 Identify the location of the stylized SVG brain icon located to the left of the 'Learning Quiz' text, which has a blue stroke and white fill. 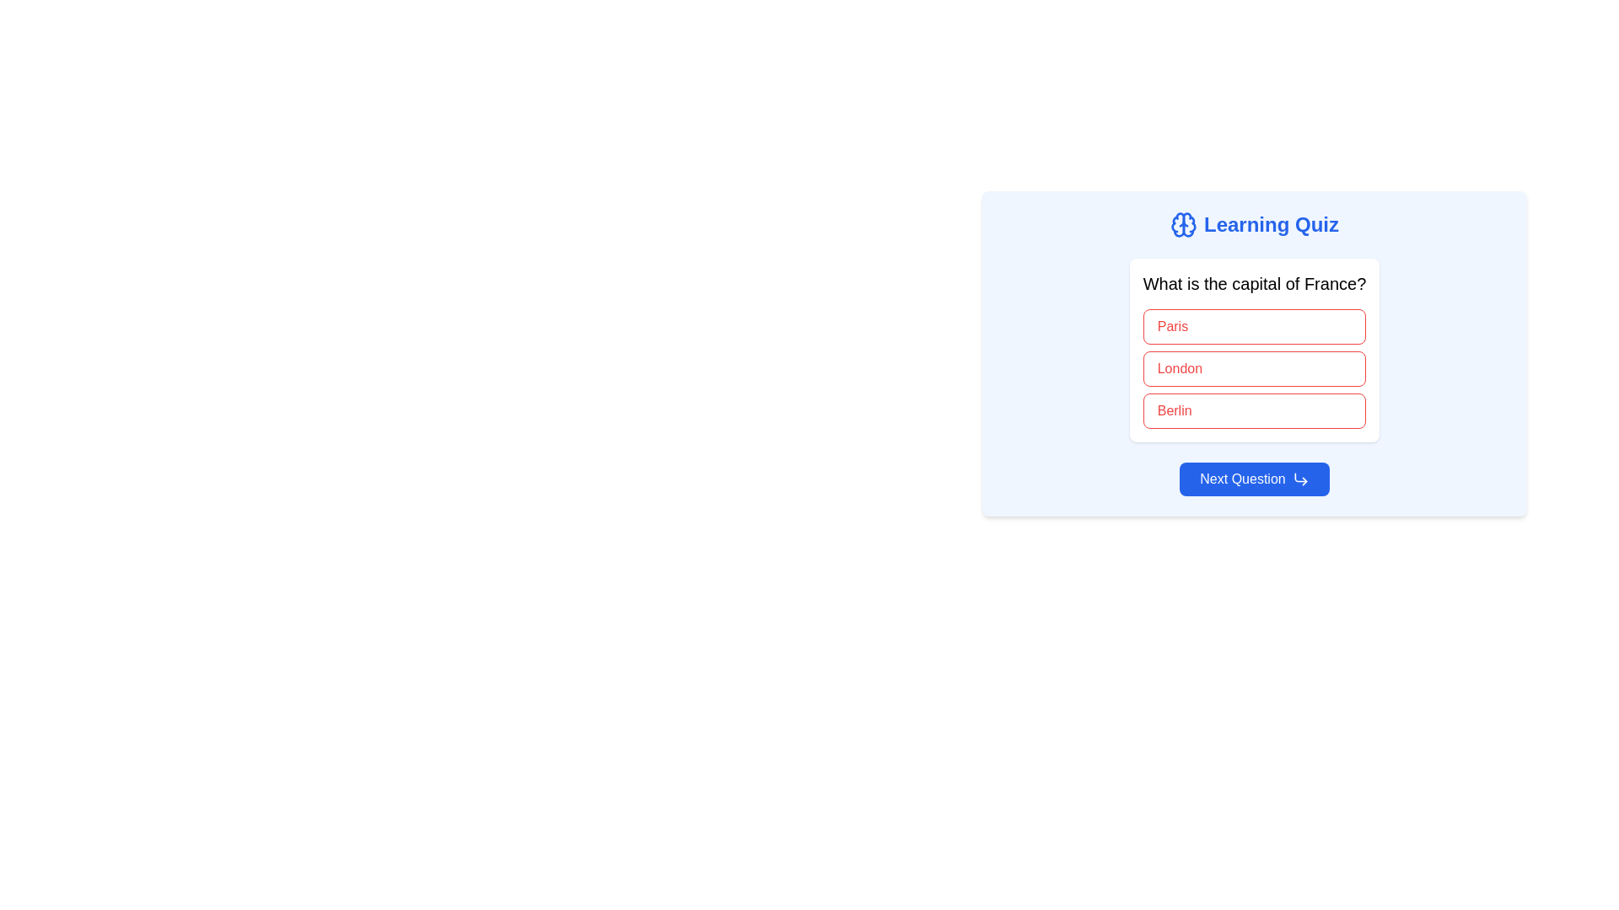
(1182, 223).